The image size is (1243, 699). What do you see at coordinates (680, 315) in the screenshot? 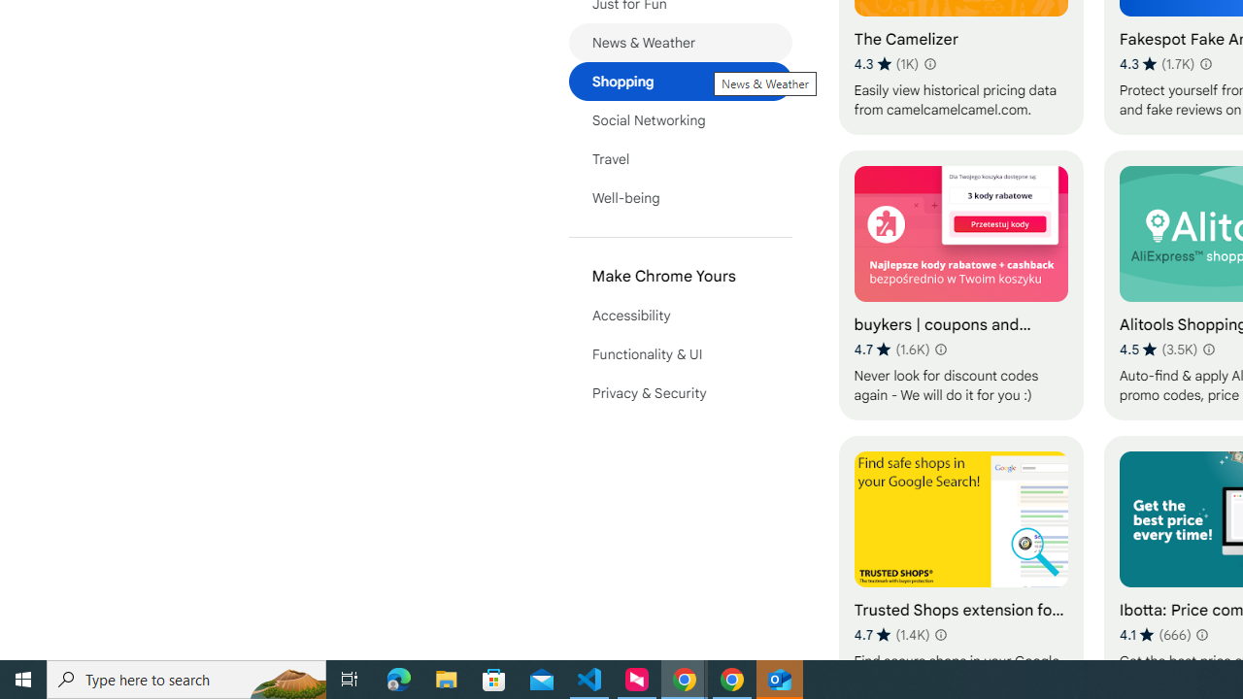
I see `'Accessibility'` at bounding box center [680, 315].